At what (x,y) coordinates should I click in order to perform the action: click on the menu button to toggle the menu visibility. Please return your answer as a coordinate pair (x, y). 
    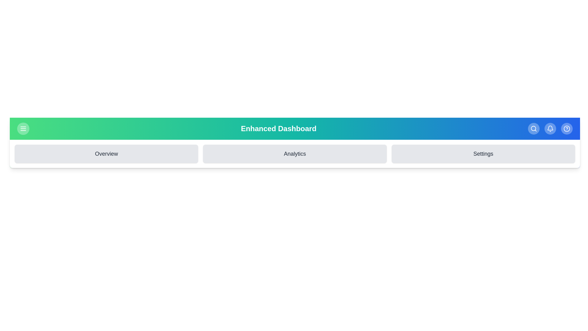
    Looking at the image, I should click on (23, 128).